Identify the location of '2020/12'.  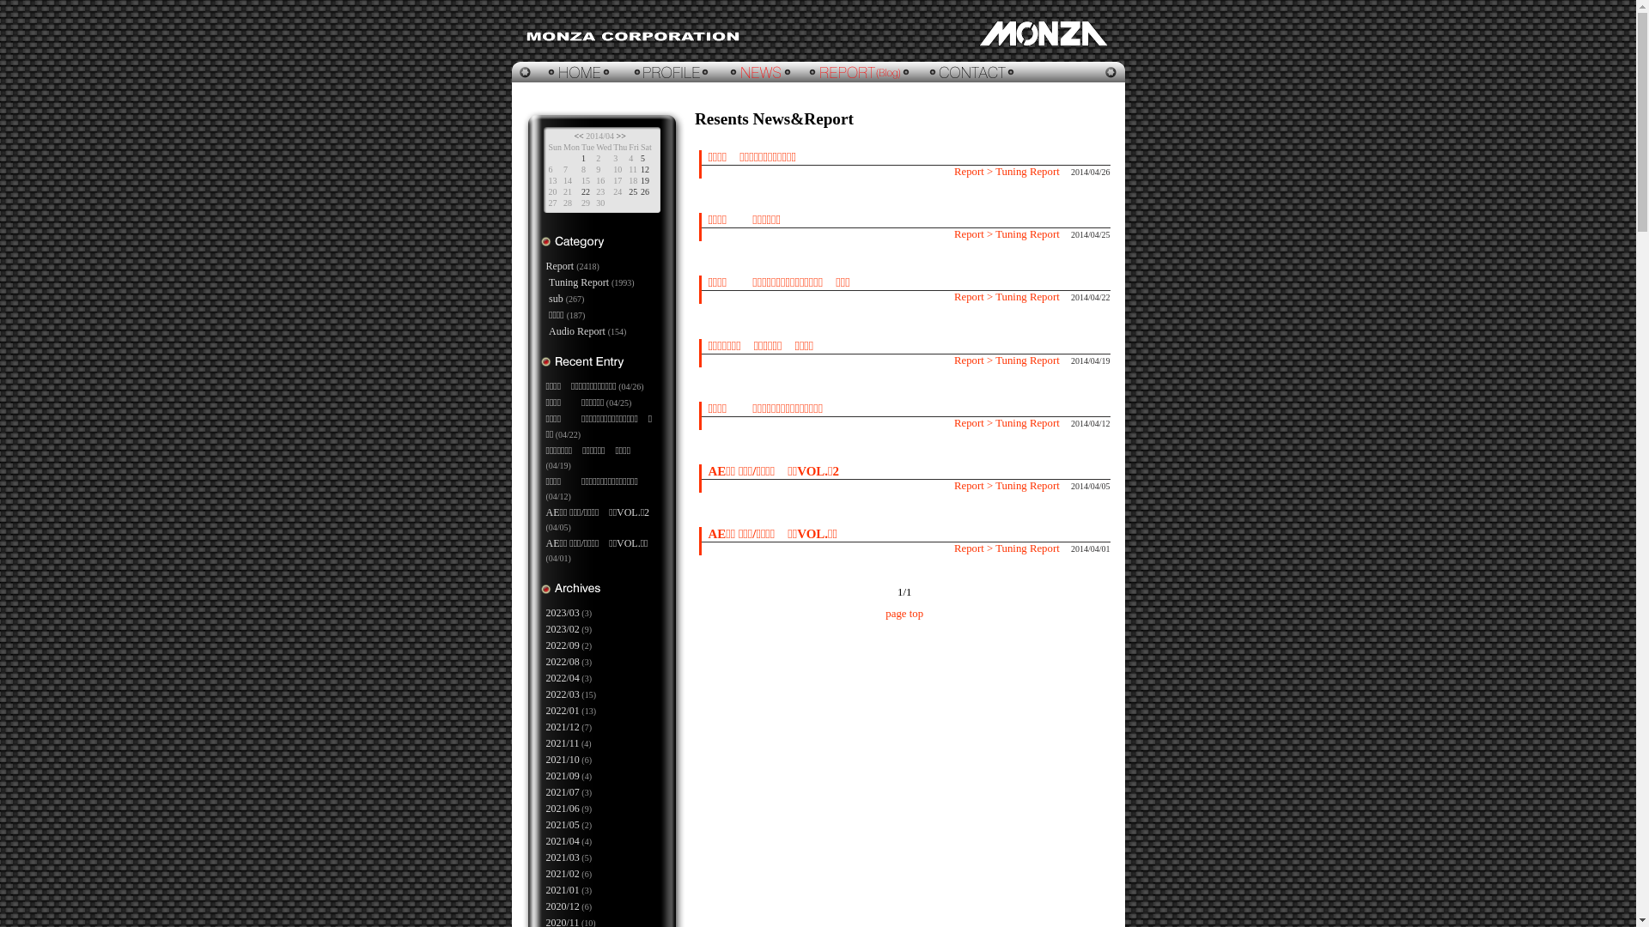
(563, 906).